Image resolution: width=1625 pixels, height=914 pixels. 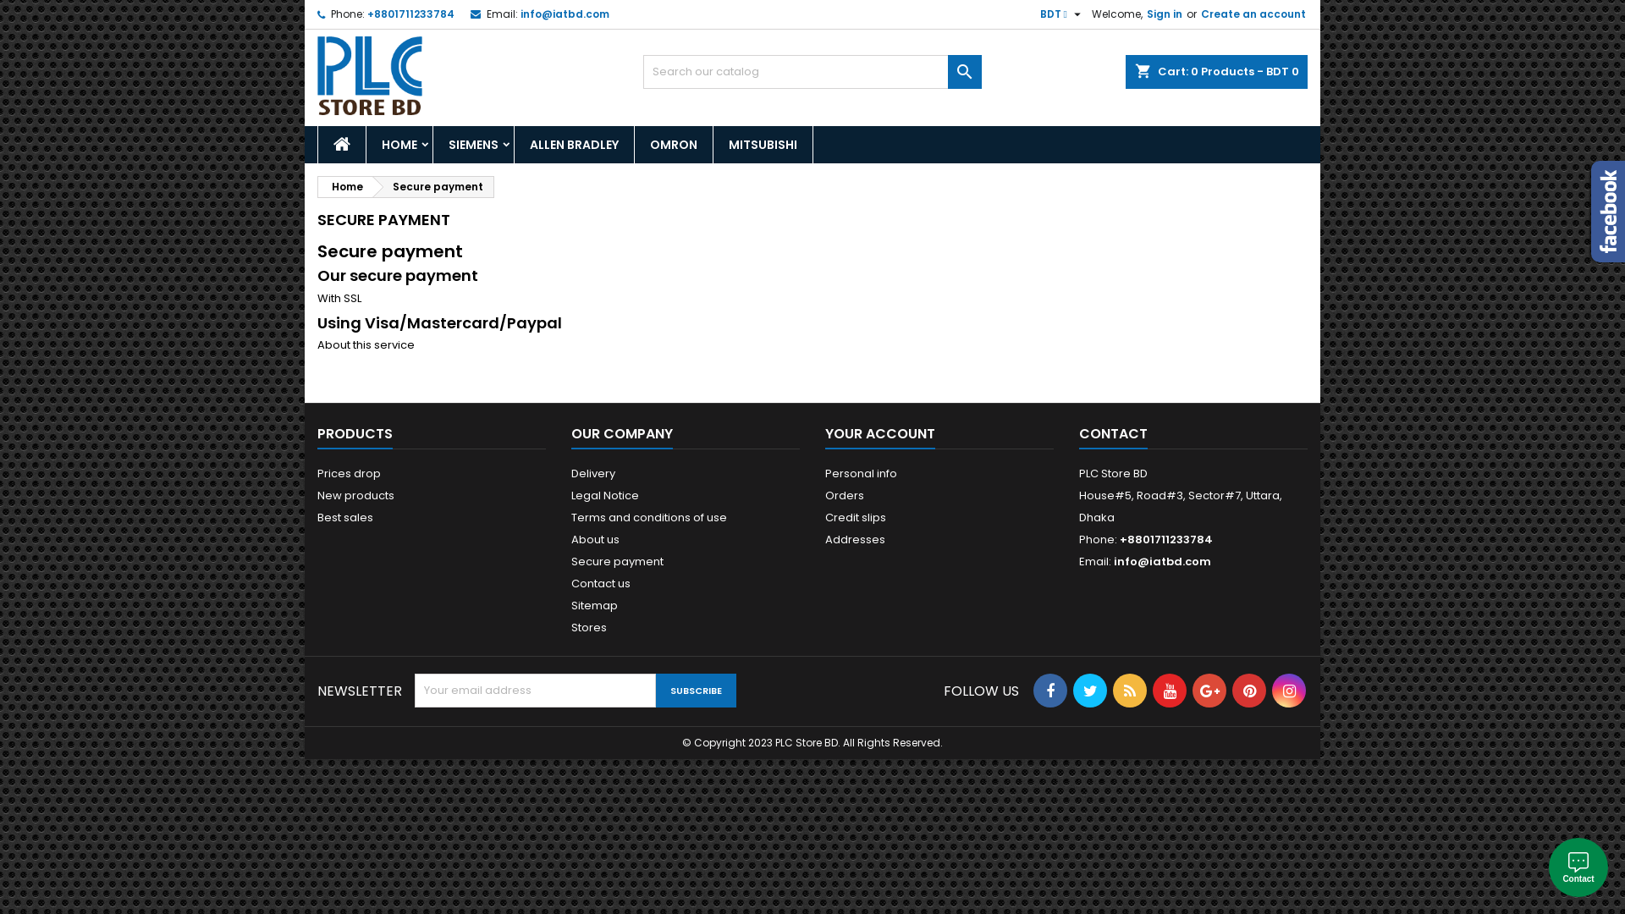 What do you see at coordinates (592, 473) in the screenshot?
I see `'Delivery'` at bounding box center [592, 473].